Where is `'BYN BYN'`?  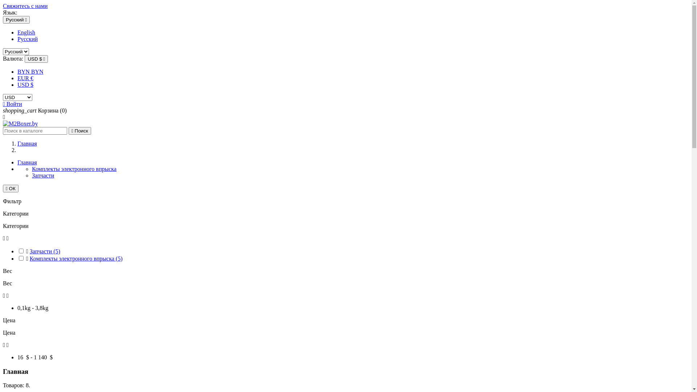 'BYN BYN' is located at coordinates (30, 72).